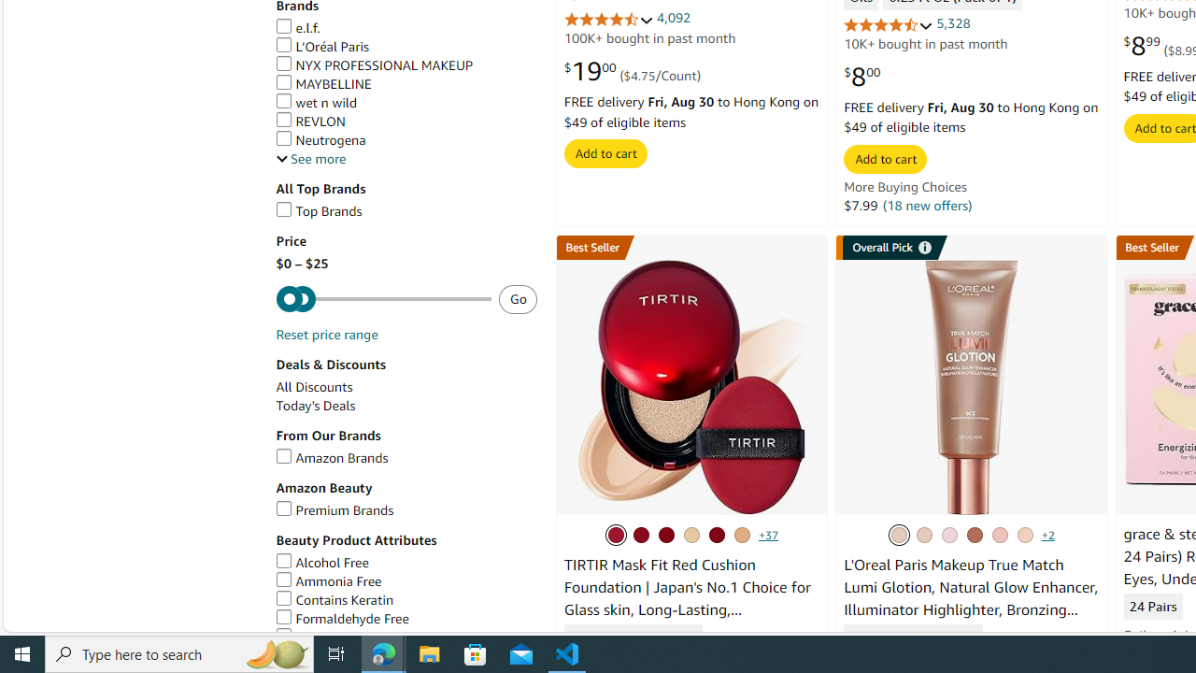 The image size is (1196, 673). What do you see at coordinates (924, 535) in the screenshot?
I see `'901 Fair'` at bounding box center [924, 535].